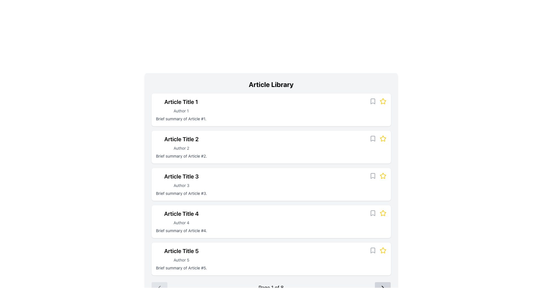 This screenshot has height=305, width=542. What do you see at coordinates (383, 138) in the screenshot?
I see `the yellow star icon located in the top-right corner of the card for 'Article Title 2'` at bounding box center [383, 138].